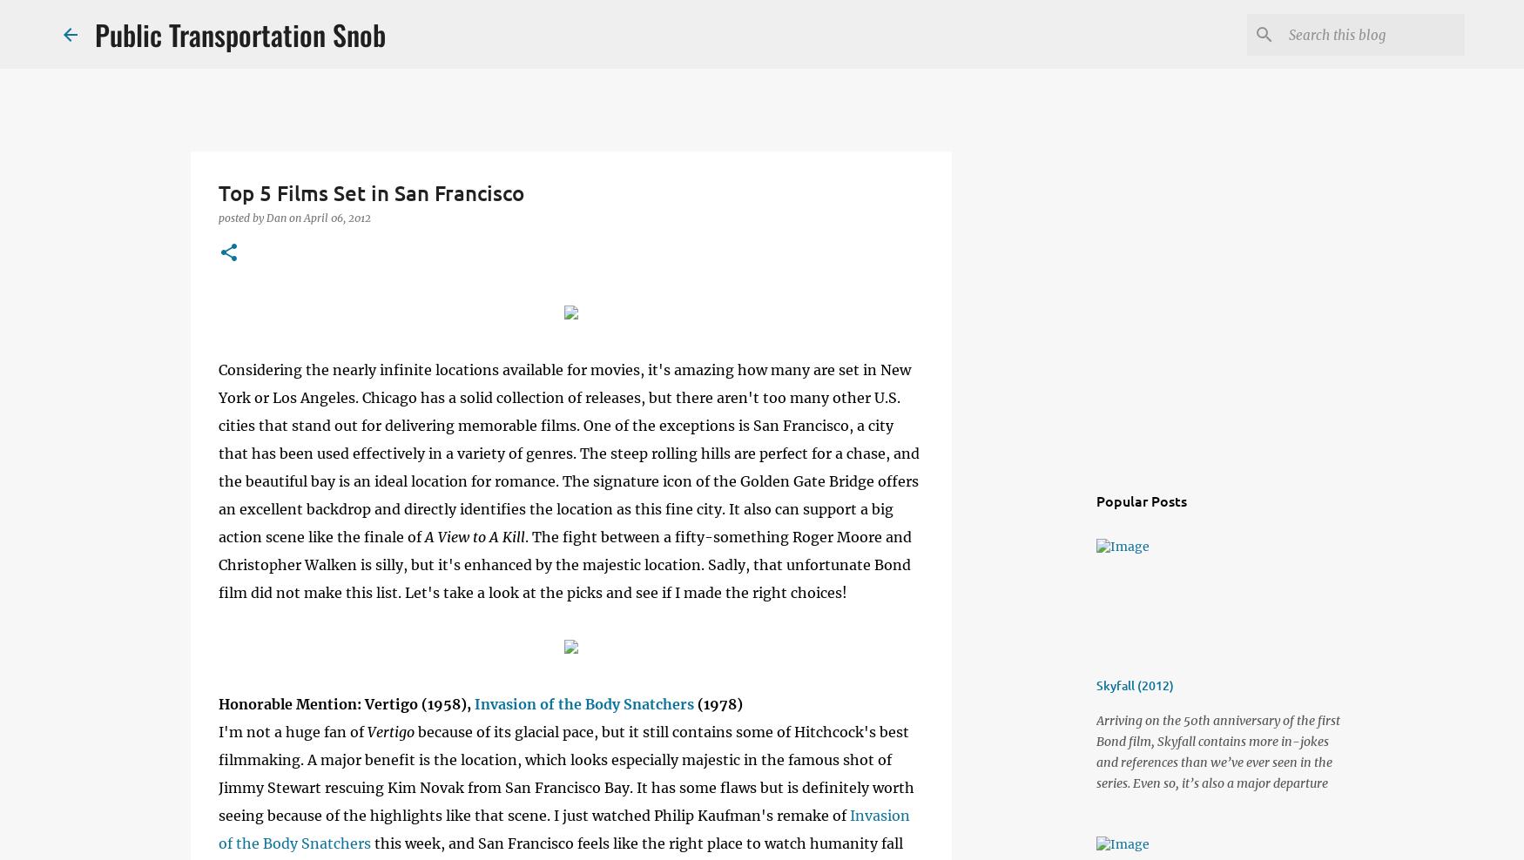  Describe the element at coordinates (391, 731) in the screenshot. I see `'Vertigo'` at that location.